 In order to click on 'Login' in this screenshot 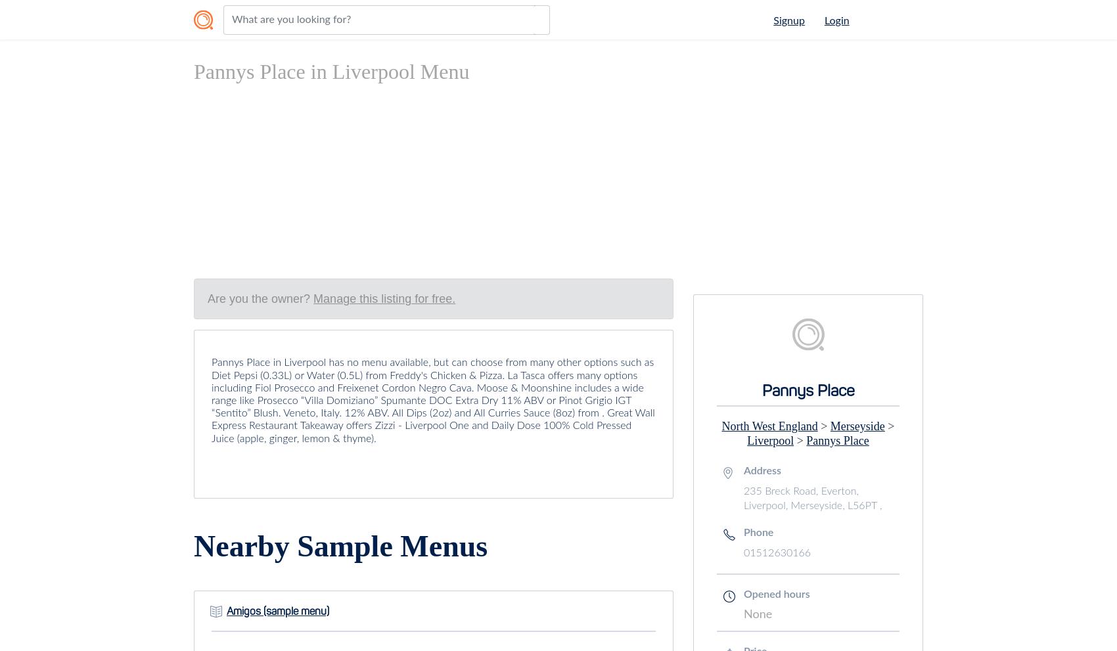, I will do `click(823, 20)`.